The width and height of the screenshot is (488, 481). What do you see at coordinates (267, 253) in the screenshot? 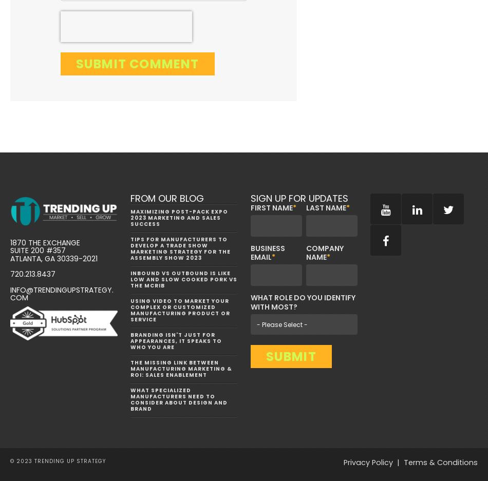
I see `'BUSINESS EMAIL'` at bounding box center [267, 253].